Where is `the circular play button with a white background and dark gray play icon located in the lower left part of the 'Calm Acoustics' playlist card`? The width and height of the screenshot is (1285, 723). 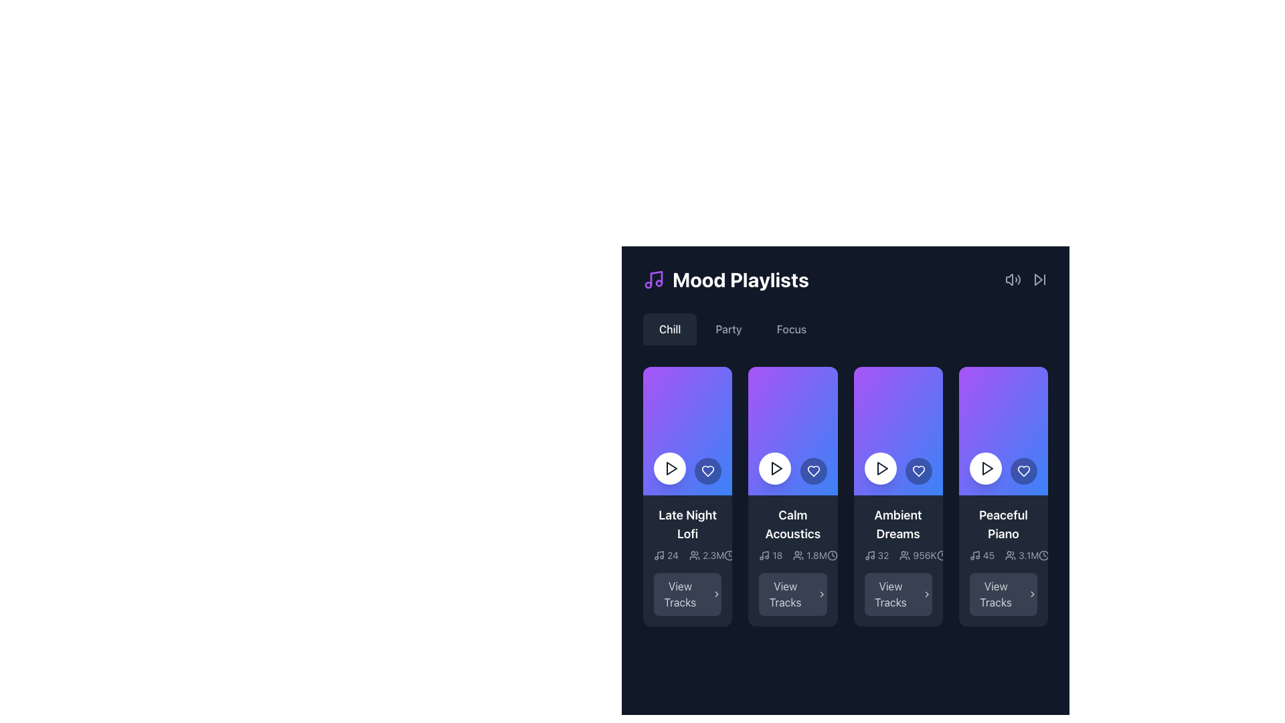
the circular play button with a white background and dark gray play icon located in the lower left part of the 'Calm Acoustics' playlist card is located at coordinates (775, 467).